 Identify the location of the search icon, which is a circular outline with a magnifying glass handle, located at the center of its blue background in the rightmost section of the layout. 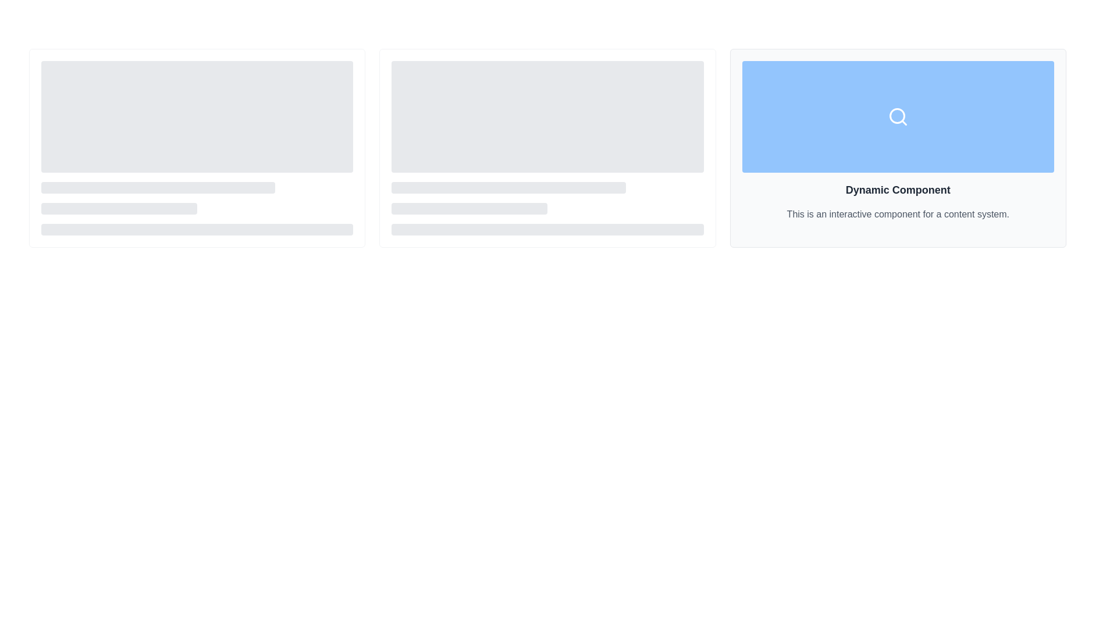
(897, 116).